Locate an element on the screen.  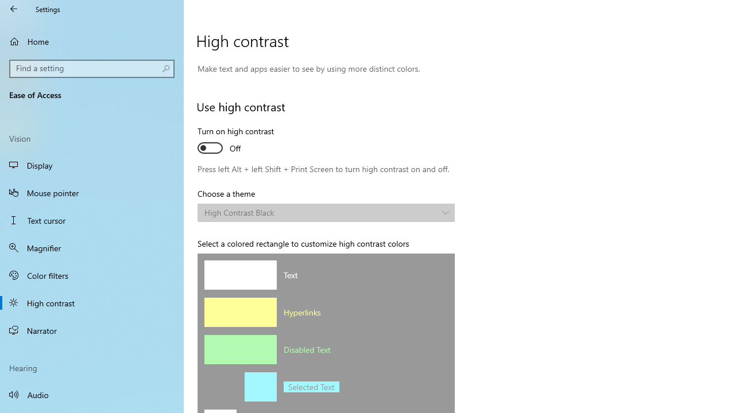
'Back' is located at coordinates (14, 9).